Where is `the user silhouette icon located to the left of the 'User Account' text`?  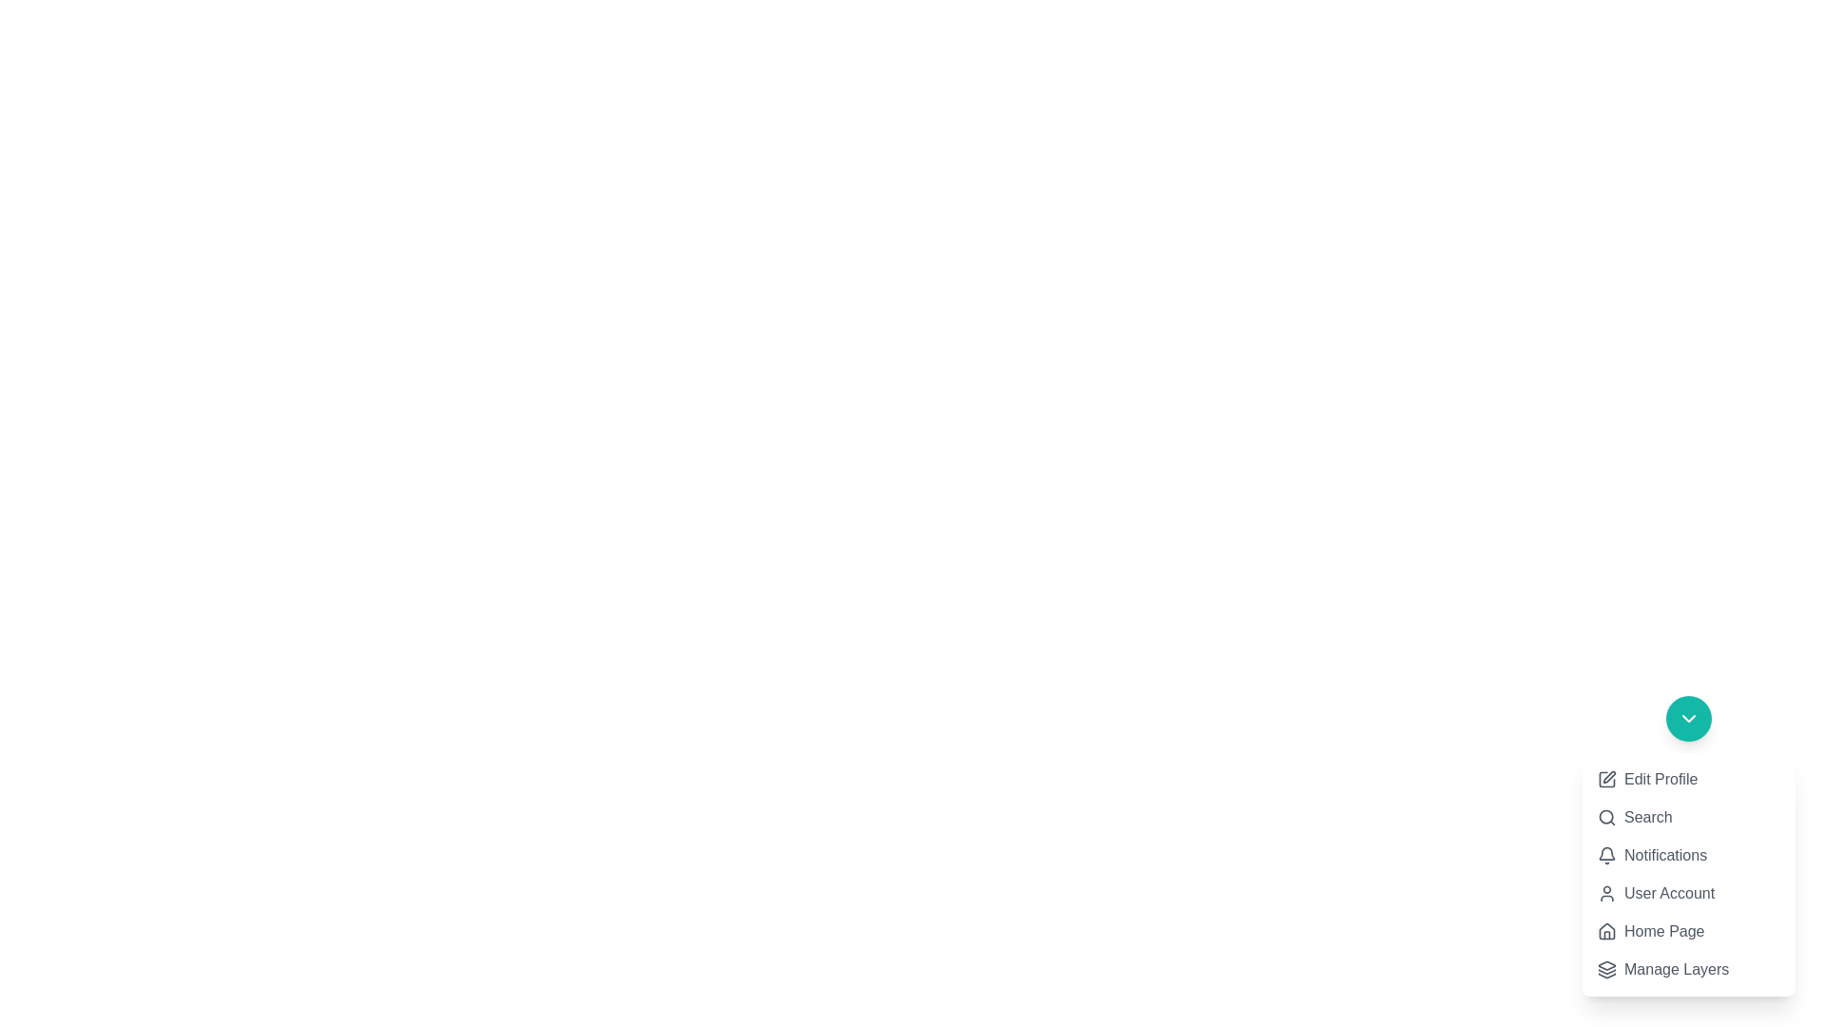
the user silhouette icon located to the left of the 'User Account' text is located at coordinates (1605, 894).